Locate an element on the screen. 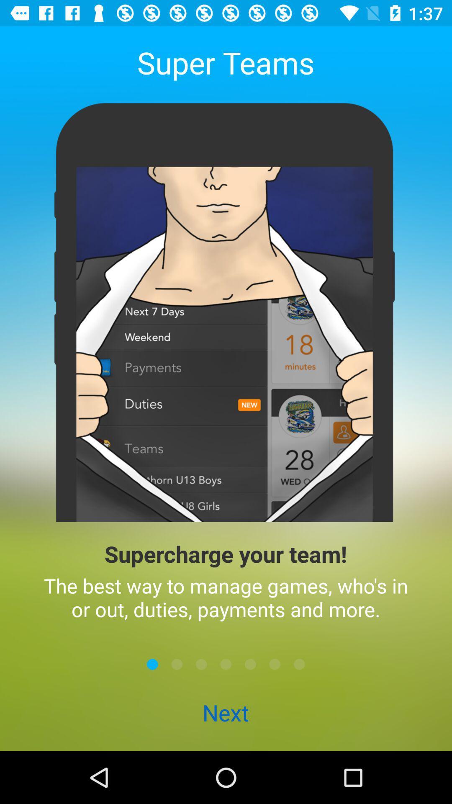  the item below the the best way item is located at coordinates (201, 664).